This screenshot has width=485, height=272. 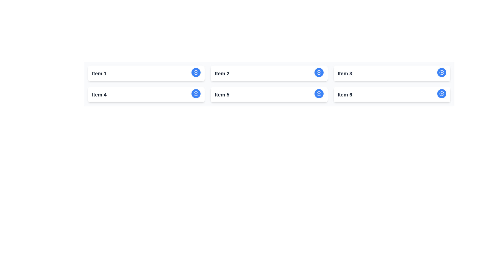 I want to click on the circular shape within the graphical icon associated with Item 2, which serves as a boundary or decoration for the icon, so click(x=319, y=73).